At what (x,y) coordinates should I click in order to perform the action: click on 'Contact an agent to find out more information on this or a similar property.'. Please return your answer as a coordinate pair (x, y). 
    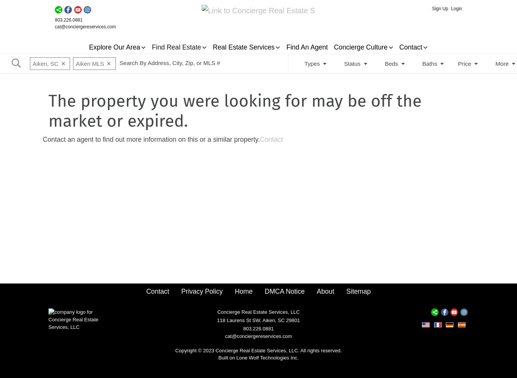
    Looking at the image, I should click on (151, 139).